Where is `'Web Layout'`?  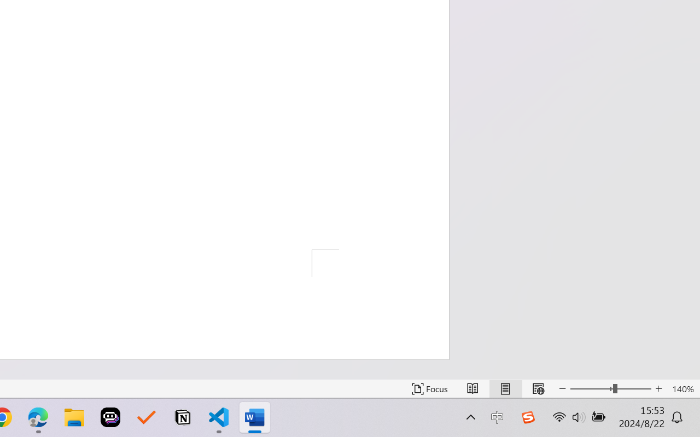 'Web Layout' is located at coordinates (538, 388).